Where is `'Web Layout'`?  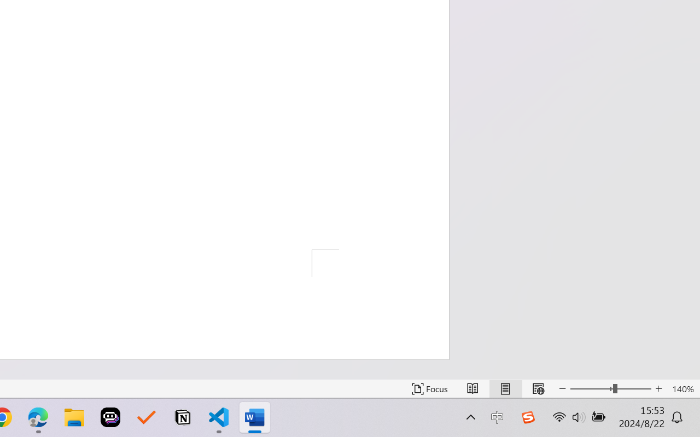 'Web Layout' is located at coordinates (538, 388).